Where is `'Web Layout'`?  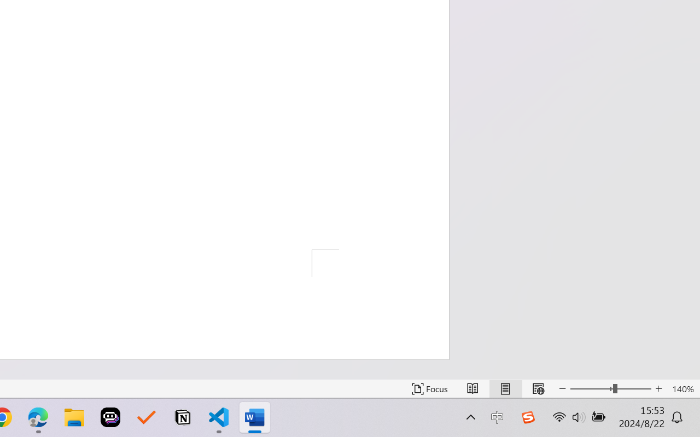 'Web Layout' is located at coordinates (538, 388).